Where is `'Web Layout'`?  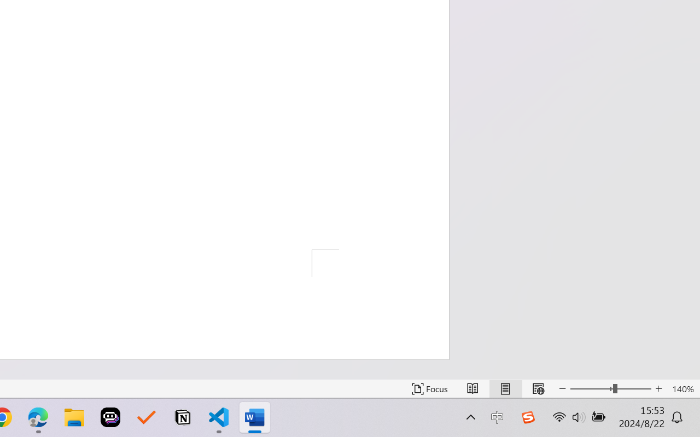 'Web Layout' is located at coordinates (538, 388).